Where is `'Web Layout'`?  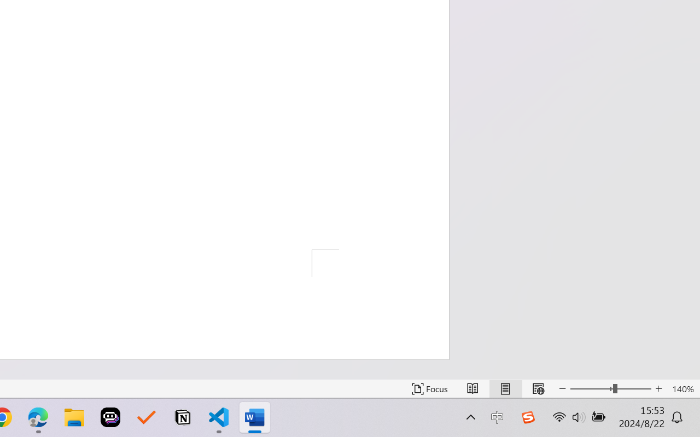 'Web Layout' is located at coordinates (538, 388).